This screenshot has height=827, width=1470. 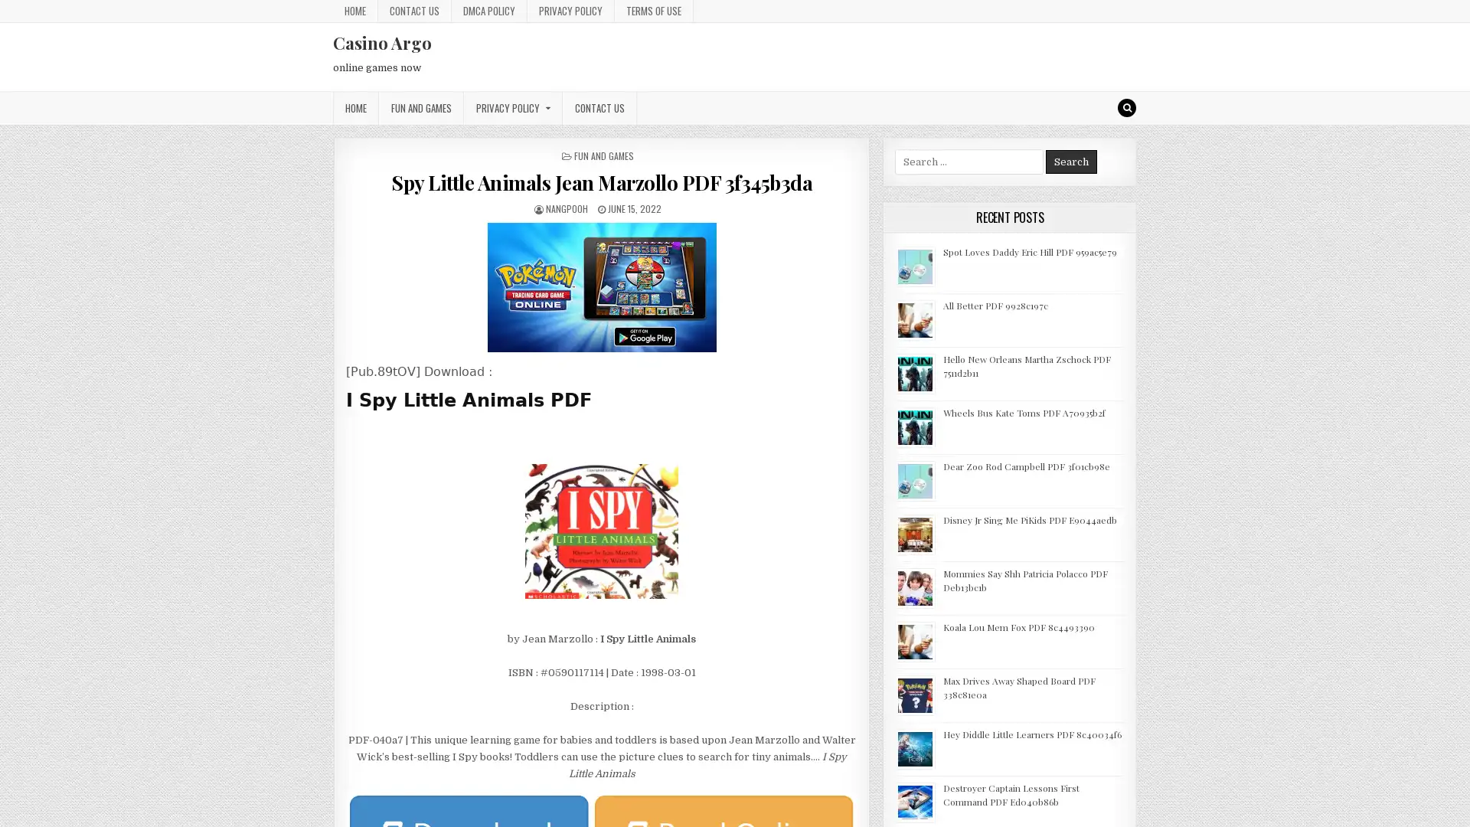 I want to click on Search, so click(x=1070, y=162).